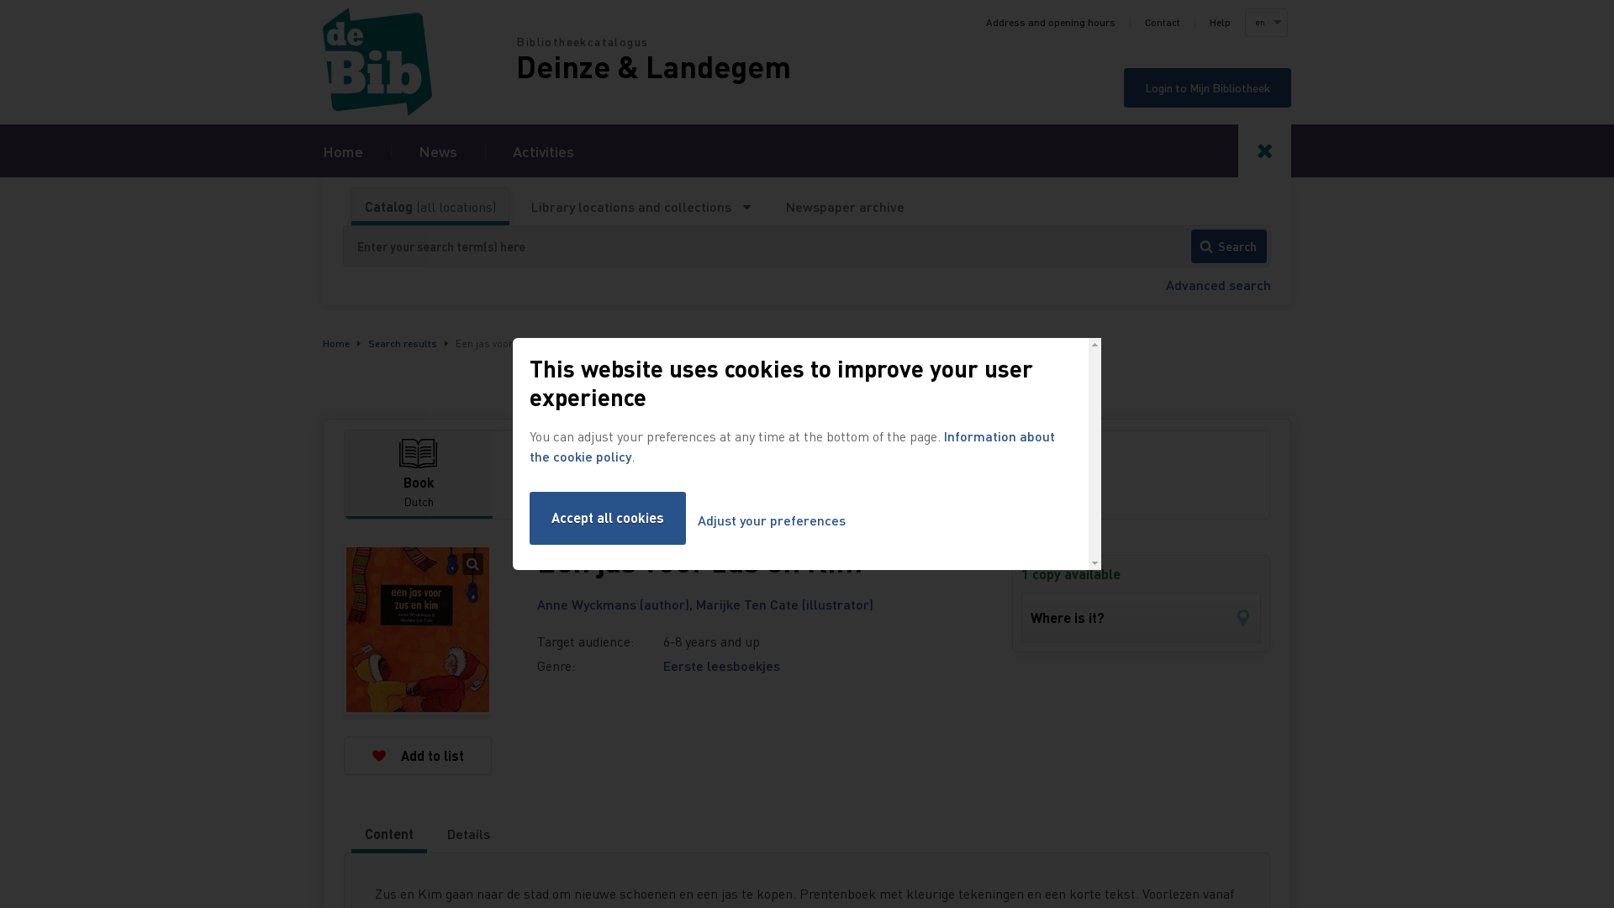 The height and width of the screenshot is (908, 1614). What do you see at coordinates (1049, 23) in the screenshot?
I see `'Address and opening hours'` at bounding box center [1049, 23].